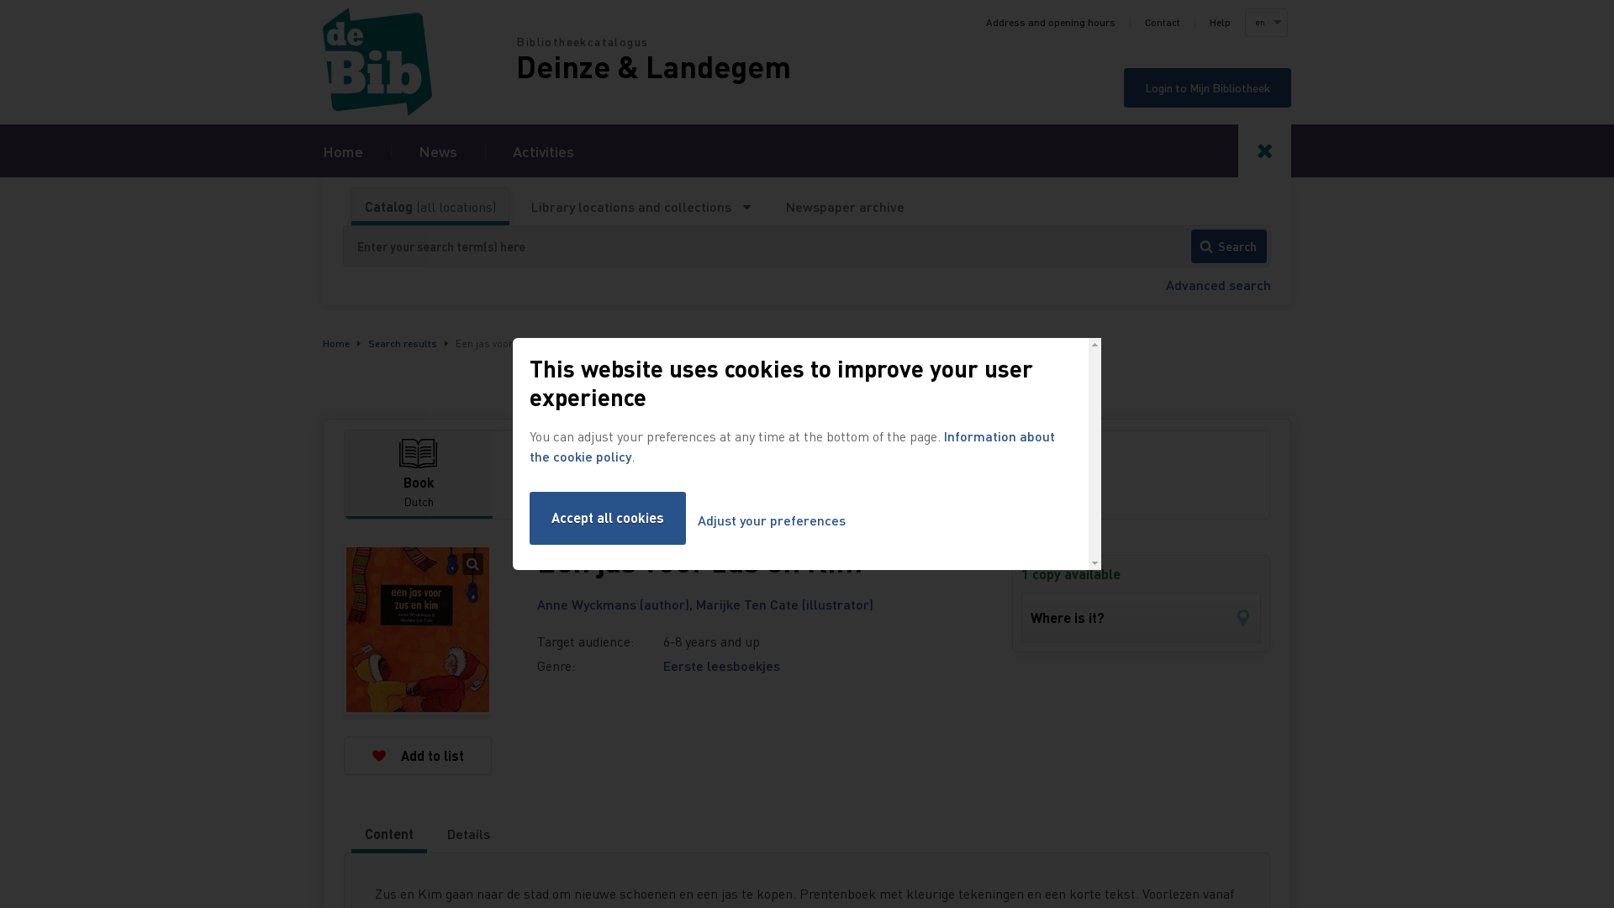 The height and width of the screenshot is (908, 1614). What do you see at coordinates (1049, 23) in the screenshot?
I see `'Address and opening hours'` at bounding box center [1049, 23].